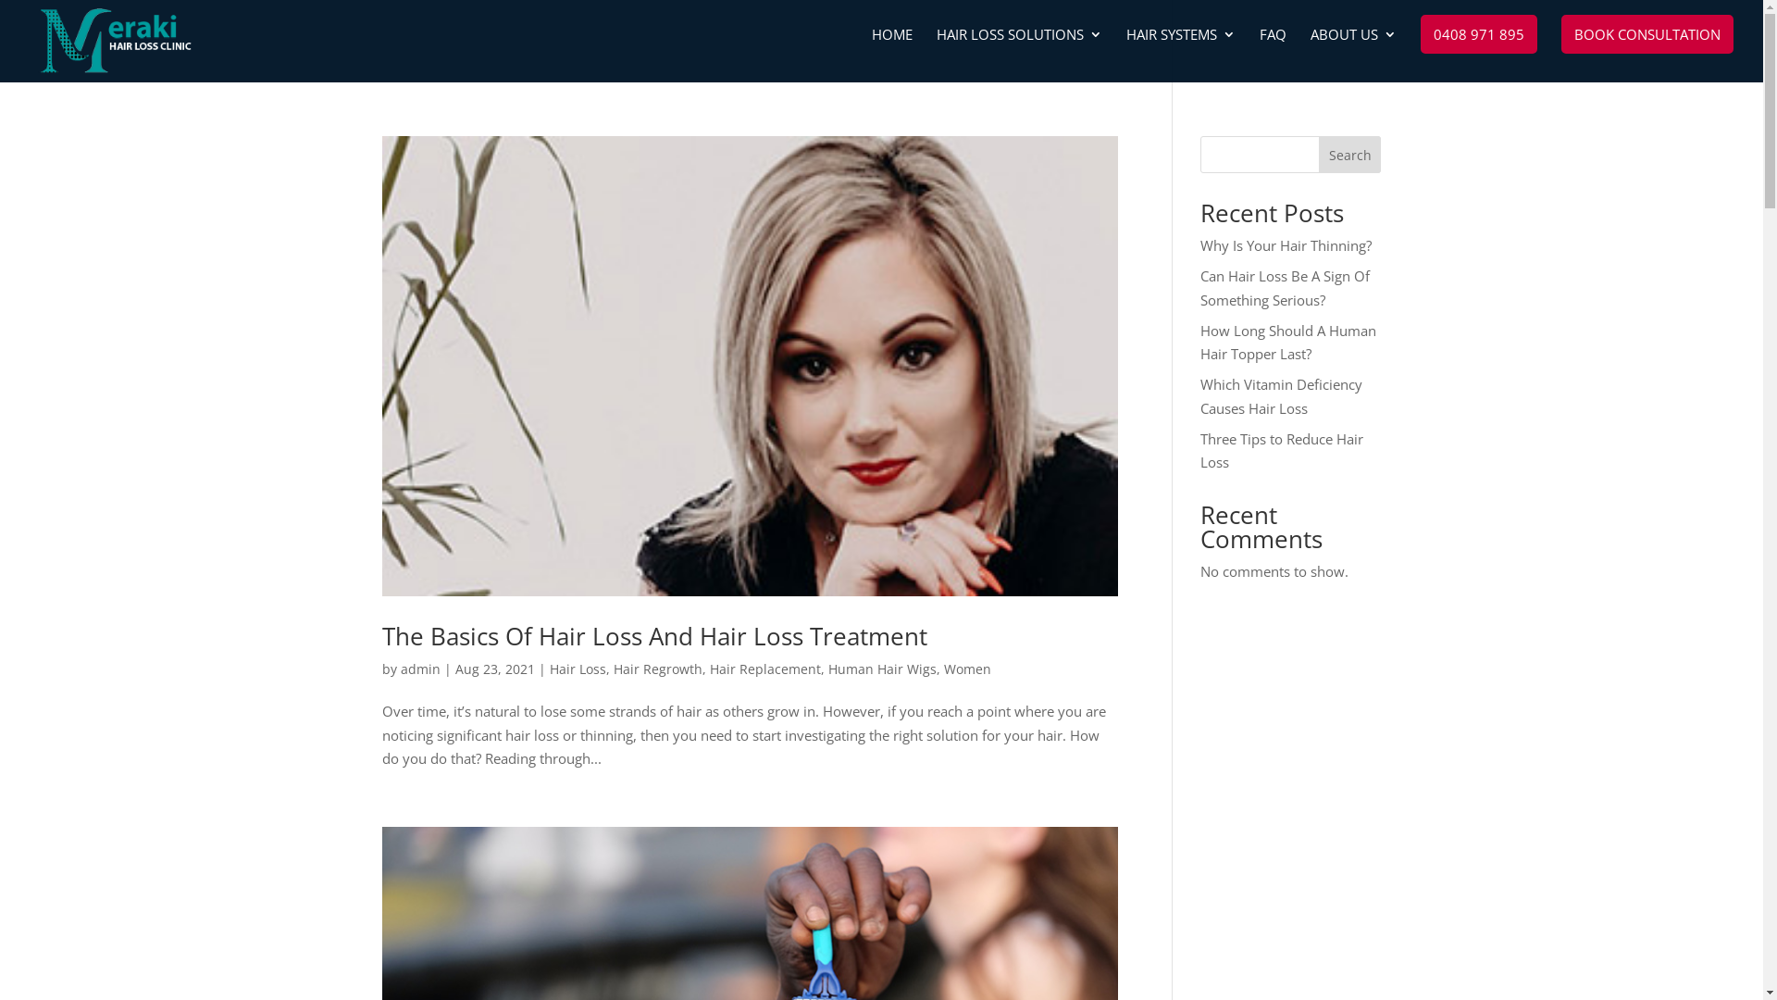 This screenshot has height=1000, width=1777. What do you see at coordinates (418, 669) in the screenshot?
I see `'admin'` at bounding box center [418, 669].